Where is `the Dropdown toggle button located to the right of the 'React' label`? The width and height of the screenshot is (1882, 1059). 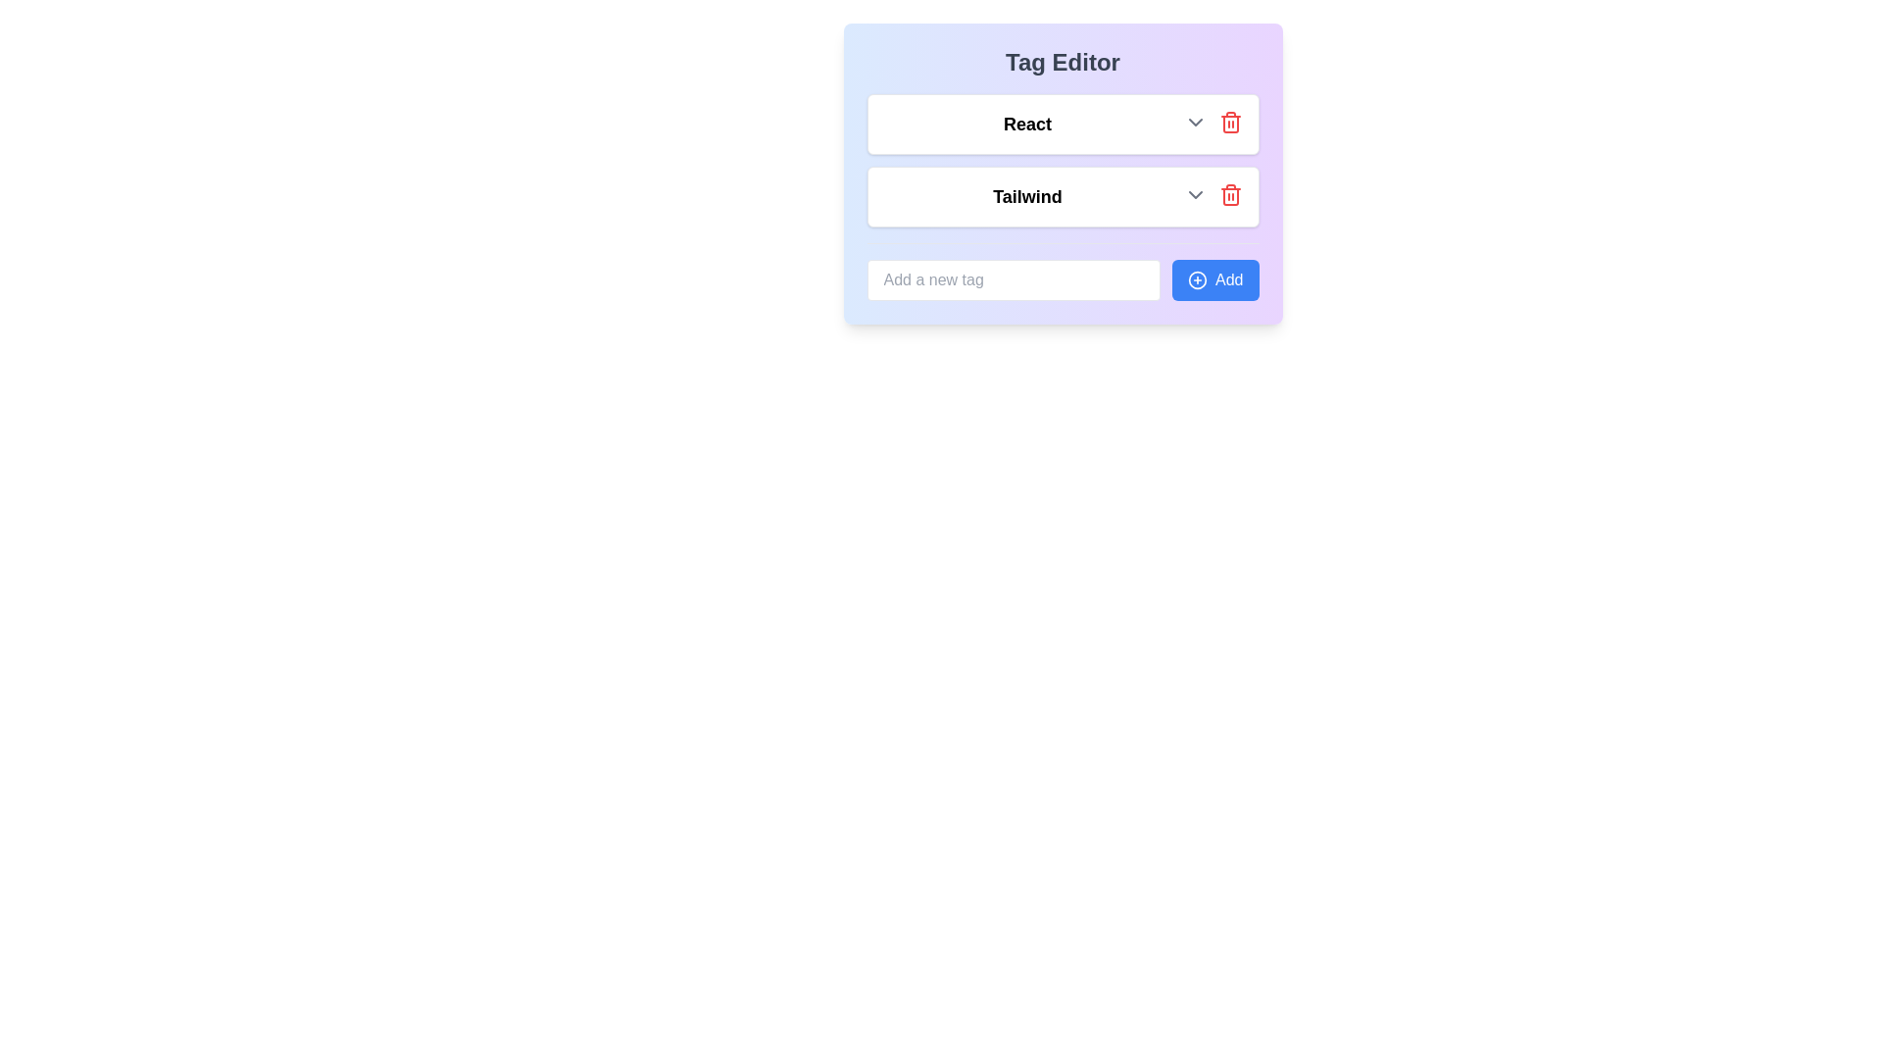 the Dropdown toggle button located to the right of the 'React' label is located at coordinates (1194, 122).